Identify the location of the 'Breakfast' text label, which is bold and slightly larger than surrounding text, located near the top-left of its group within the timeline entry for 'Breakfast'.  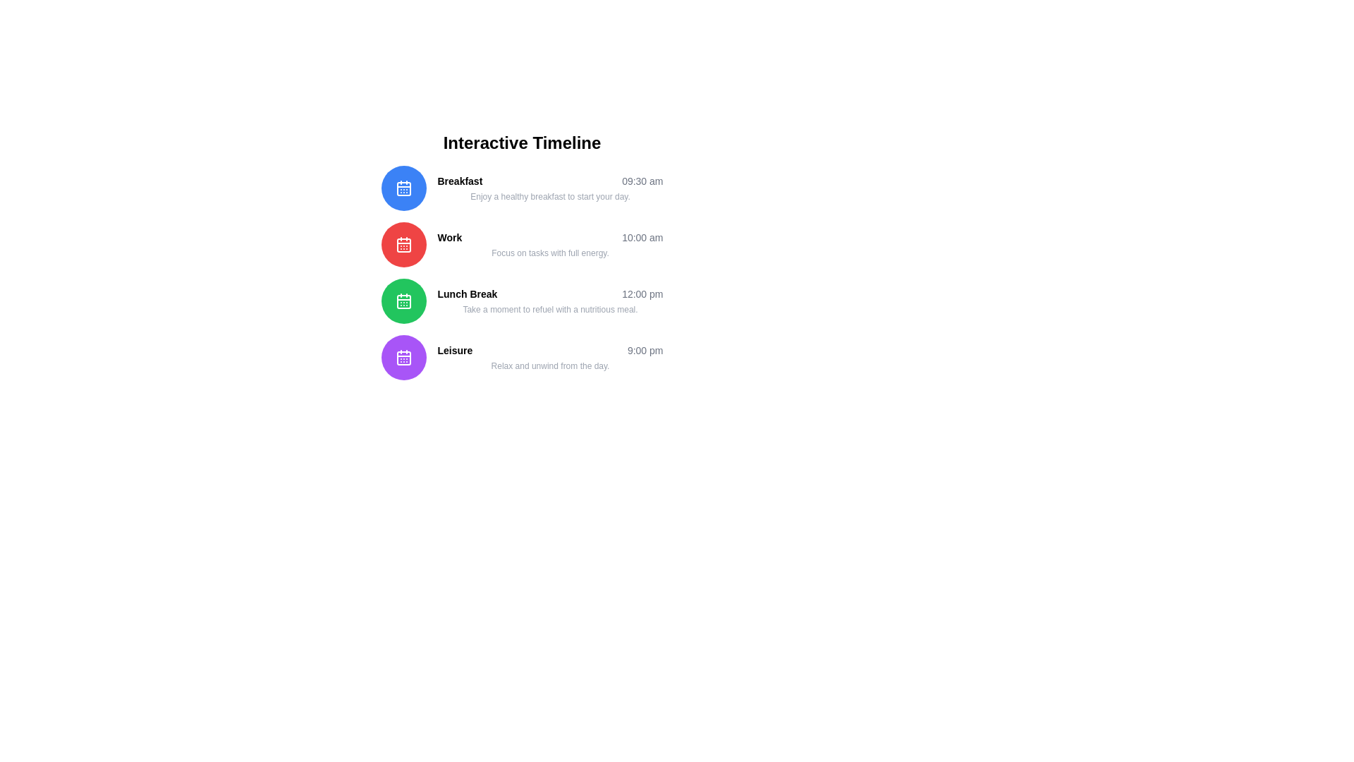
(460, 181).